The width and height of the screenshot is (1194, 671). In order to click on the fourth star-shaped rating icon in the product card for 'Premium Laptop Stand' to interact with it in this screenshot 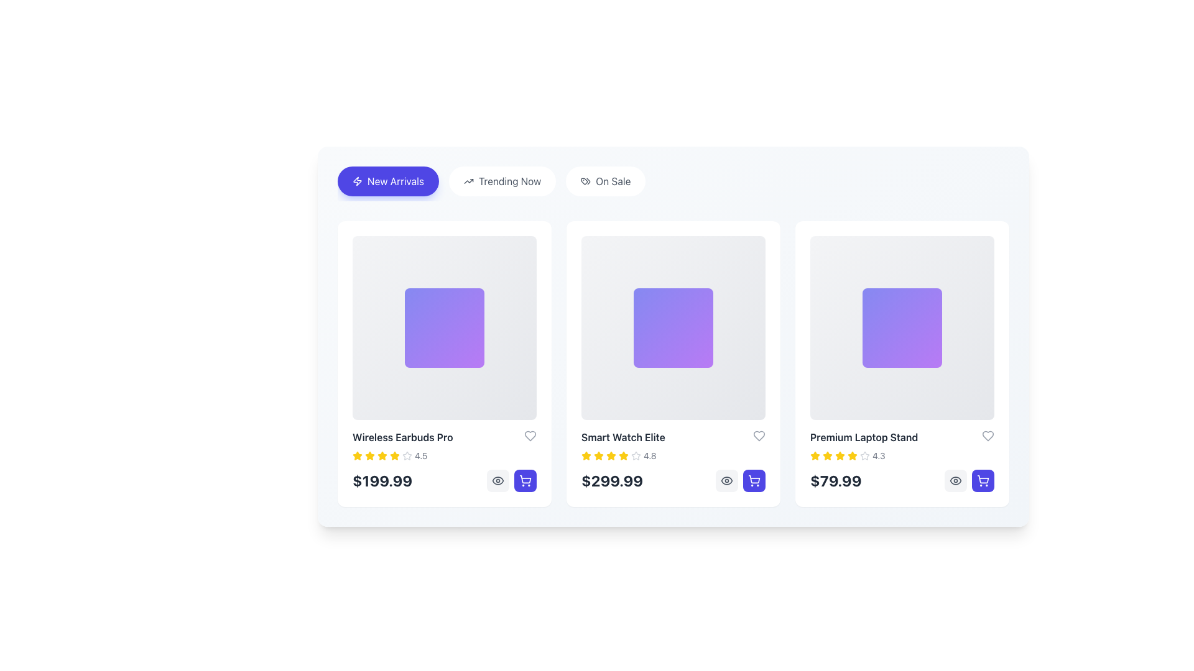, I will do `click(864, 455)`.